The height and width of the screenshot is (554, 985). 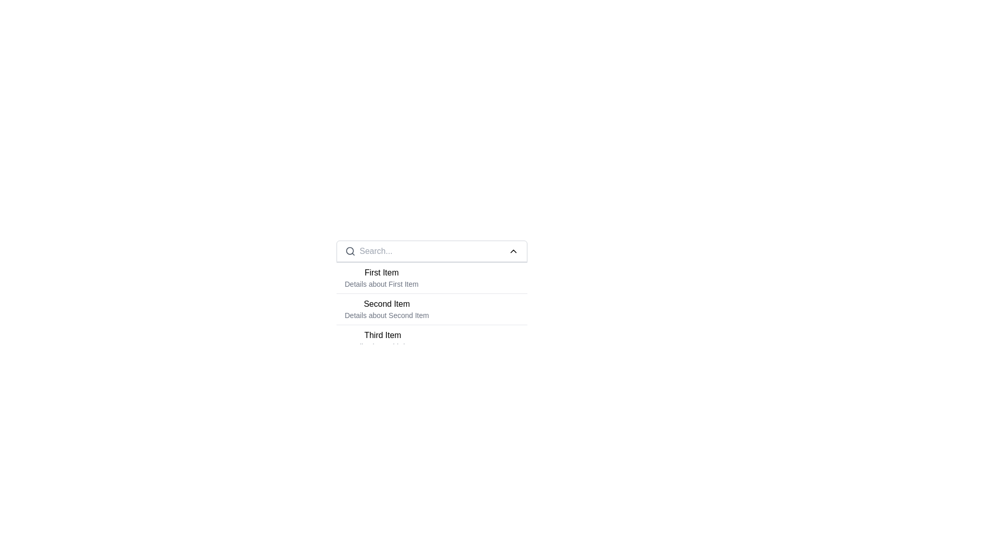 I want to click on the 'Third Item' text header, which is styled in bold and positioned above the description text, so click(x=382, y=335).